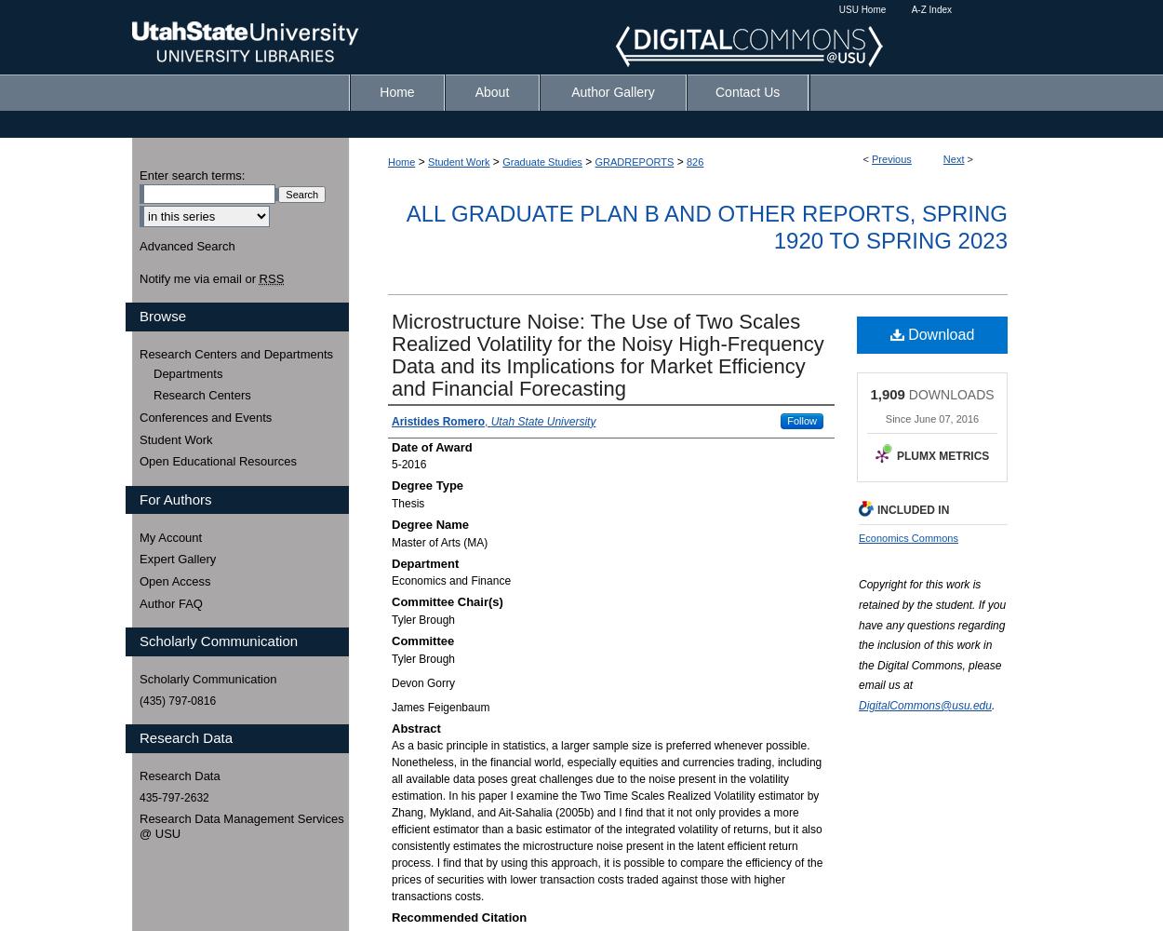 The width and height of the screenshot is (1163, 931). What do you see at coordinates (163, 315) in the screenshot?
I see `'Browse'` at bounding box center [163, 315].